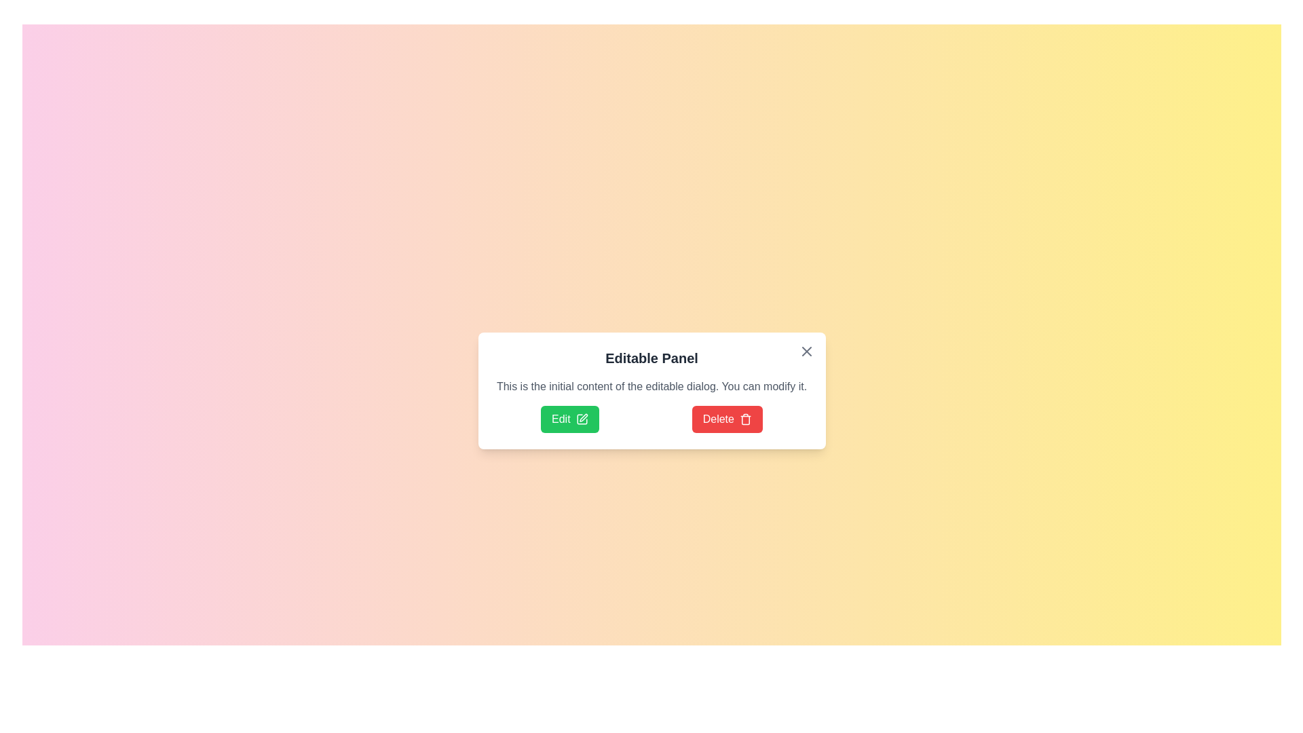  I want to click on the 'Edit' button to enter edit mode, so click(569, 418).